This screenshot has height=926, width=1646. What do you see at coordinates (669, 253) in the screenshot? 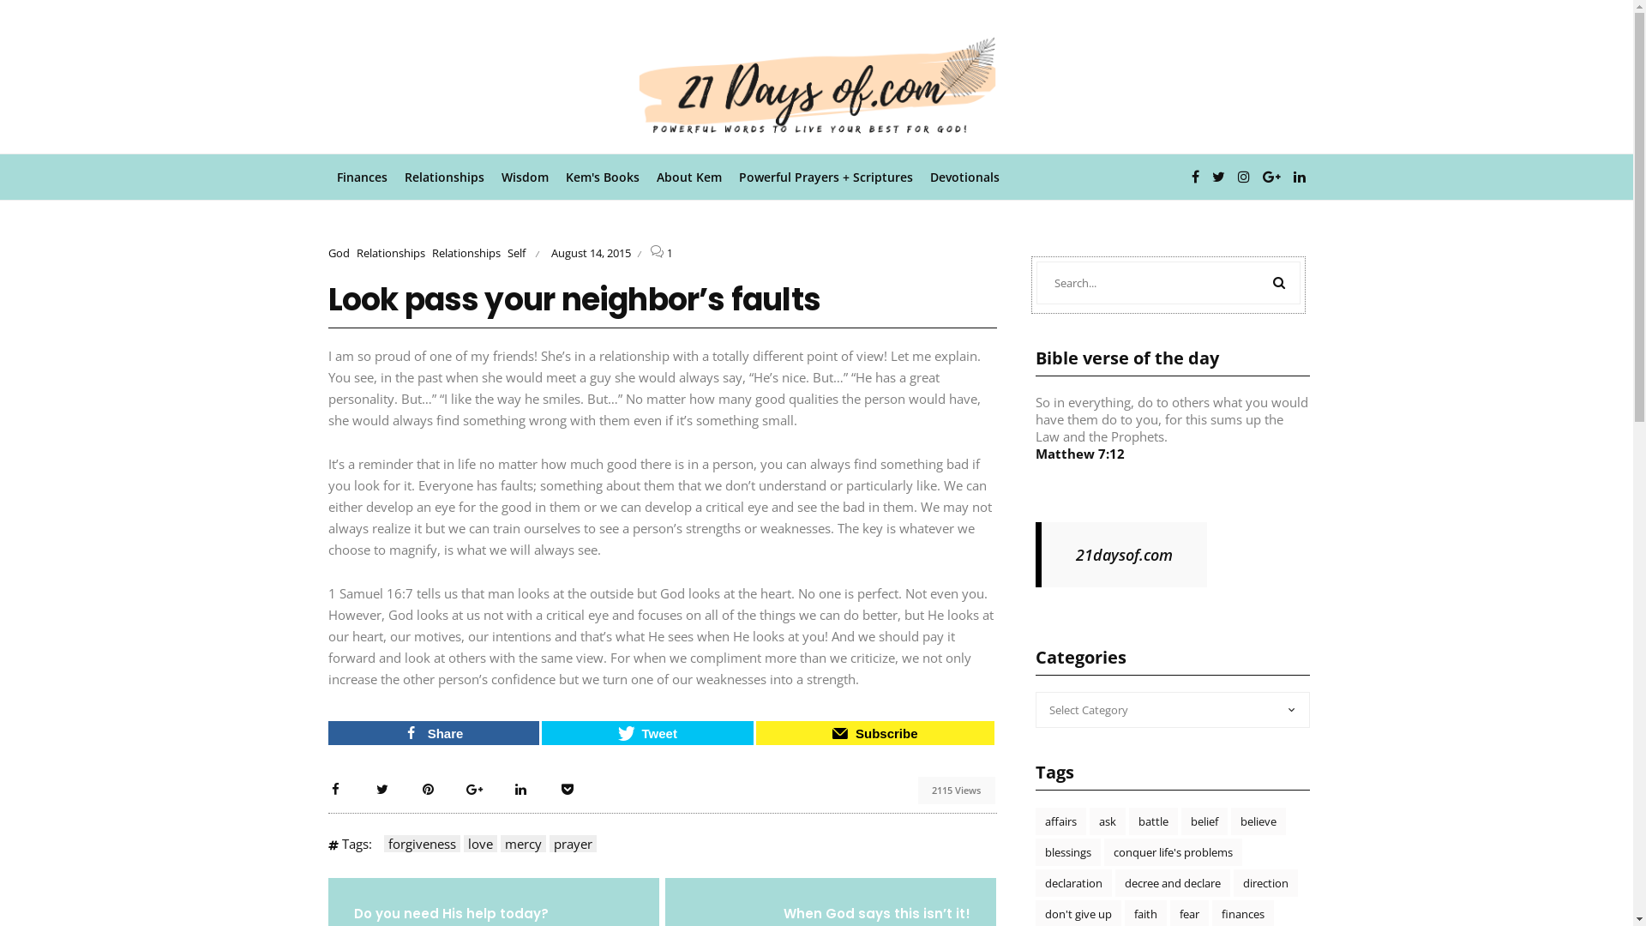
I see `'1'` at bounding box center [669, 253].